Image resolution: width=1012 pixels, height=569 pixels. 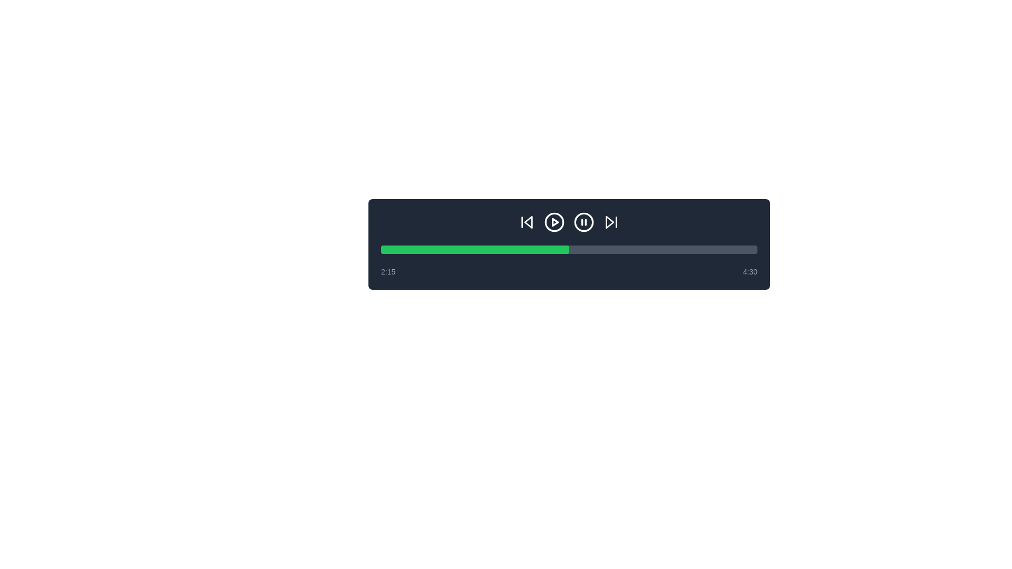 What do you see at coordinates (528, 221) in the screenshot?
I see `the triangular rewind button in the media player interface` at bounding box center [528, 221].